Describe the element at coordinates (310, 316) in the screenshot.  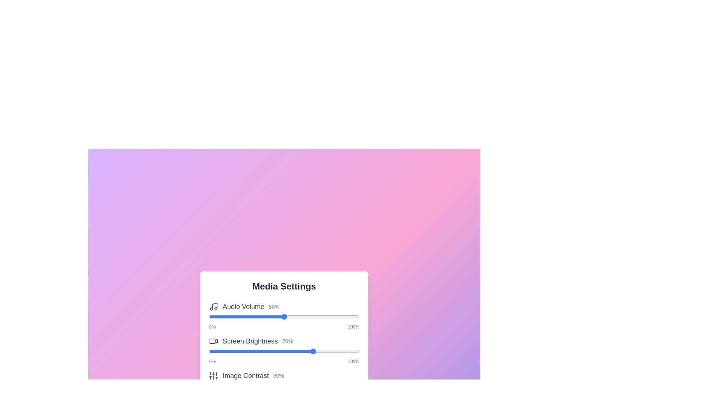
I see `the slider to 67% to observe the visual feedback` at that location.